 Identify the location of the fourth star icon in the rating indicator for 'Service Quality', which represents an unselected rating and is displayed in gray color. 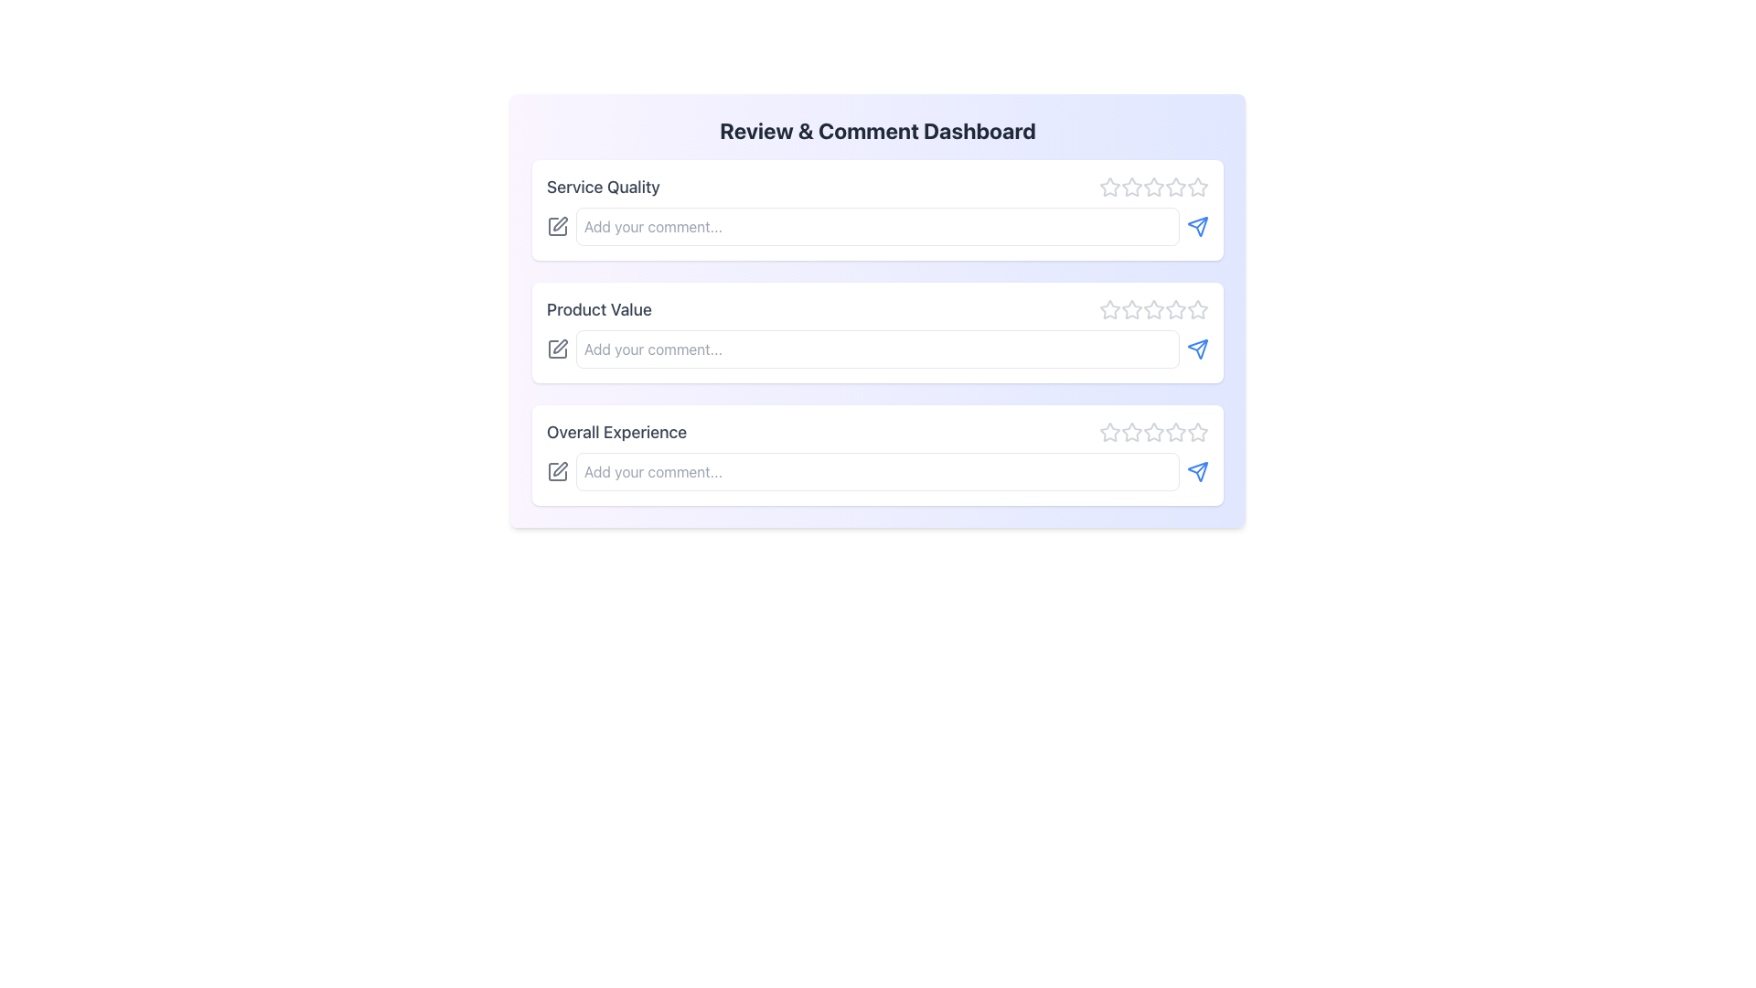
(1176, 187).